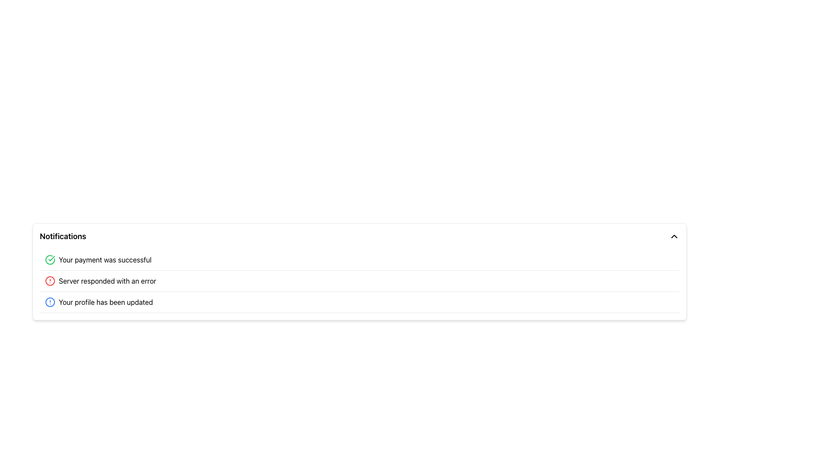 The width and height of the screenshot is (831, 467). Describe the element at coordinates (674, 237) in the screenshot. I see `the toggle button located at the top-right corner of the 'Notifications' section` at that location.